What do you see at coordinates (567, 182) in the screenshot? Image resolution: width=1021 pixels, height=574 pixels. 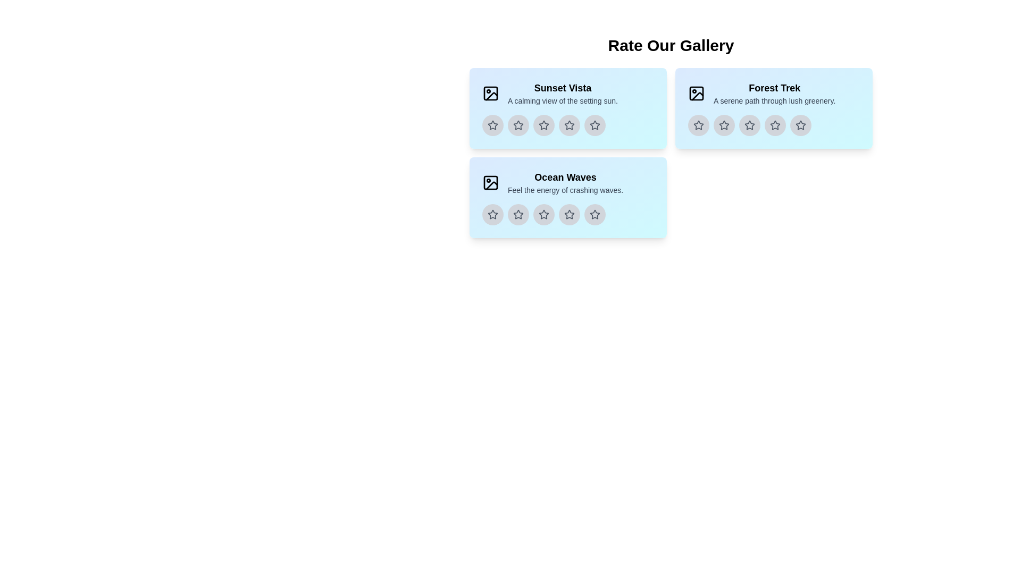 I see `the information block about 'Ocean Waves'` at bounding box center [567, 182].